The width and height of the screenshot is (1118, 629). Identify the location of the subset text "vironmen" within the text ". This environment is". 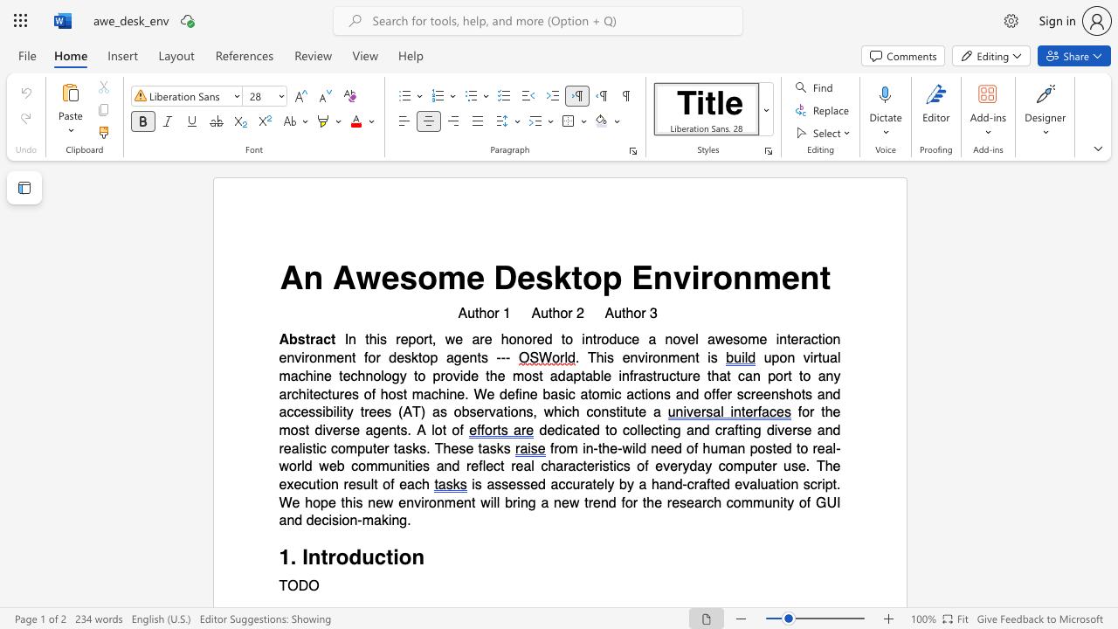
(637, 357).